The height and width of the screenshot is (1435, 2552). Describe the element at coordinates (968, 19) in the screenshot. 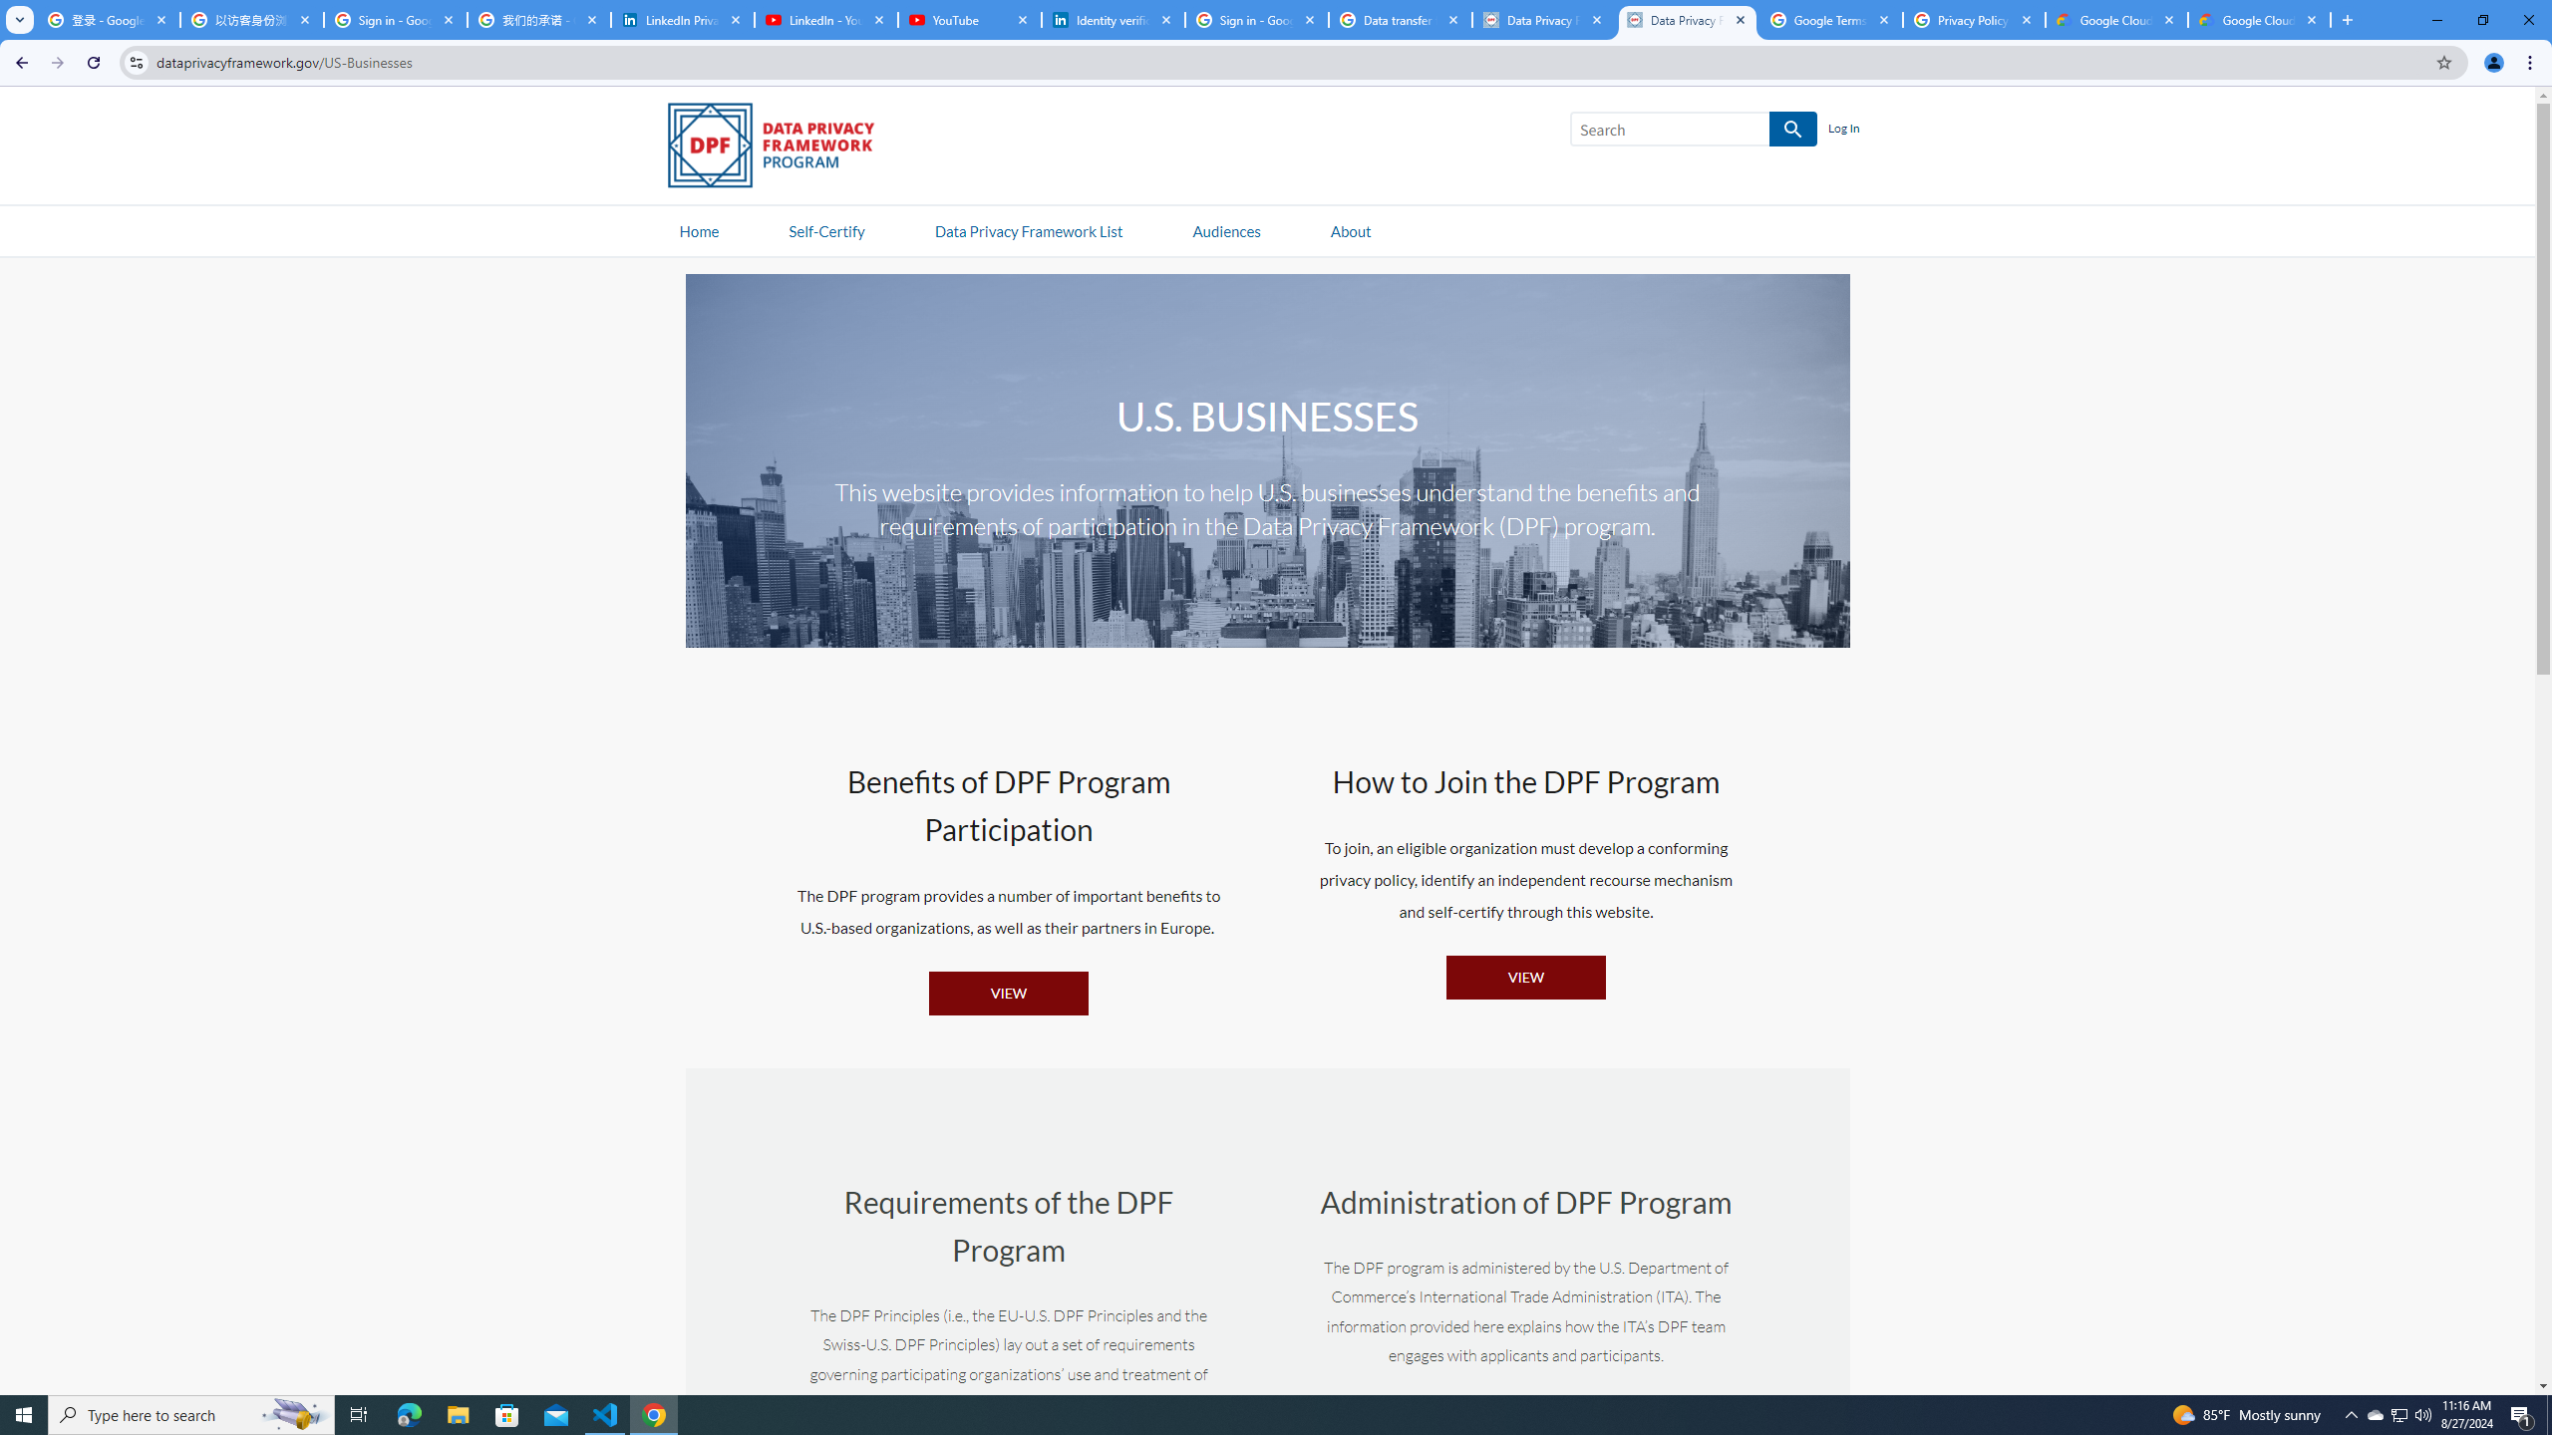

I see `'YouTube'` at that location.